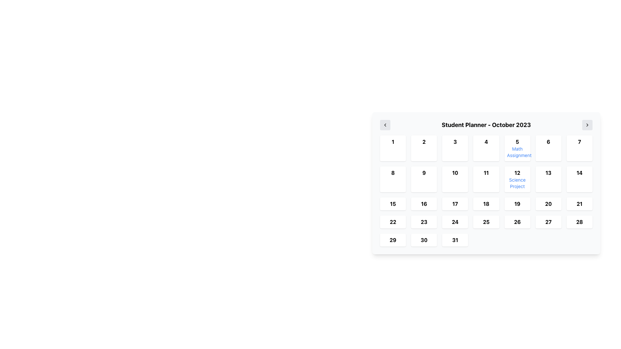  Describe the element at coordinates (486, 221) in the screenshot. I see `the text display representing a day in the calendar located in the sixth row and fifth column of the October 2023 calendar` at that location.